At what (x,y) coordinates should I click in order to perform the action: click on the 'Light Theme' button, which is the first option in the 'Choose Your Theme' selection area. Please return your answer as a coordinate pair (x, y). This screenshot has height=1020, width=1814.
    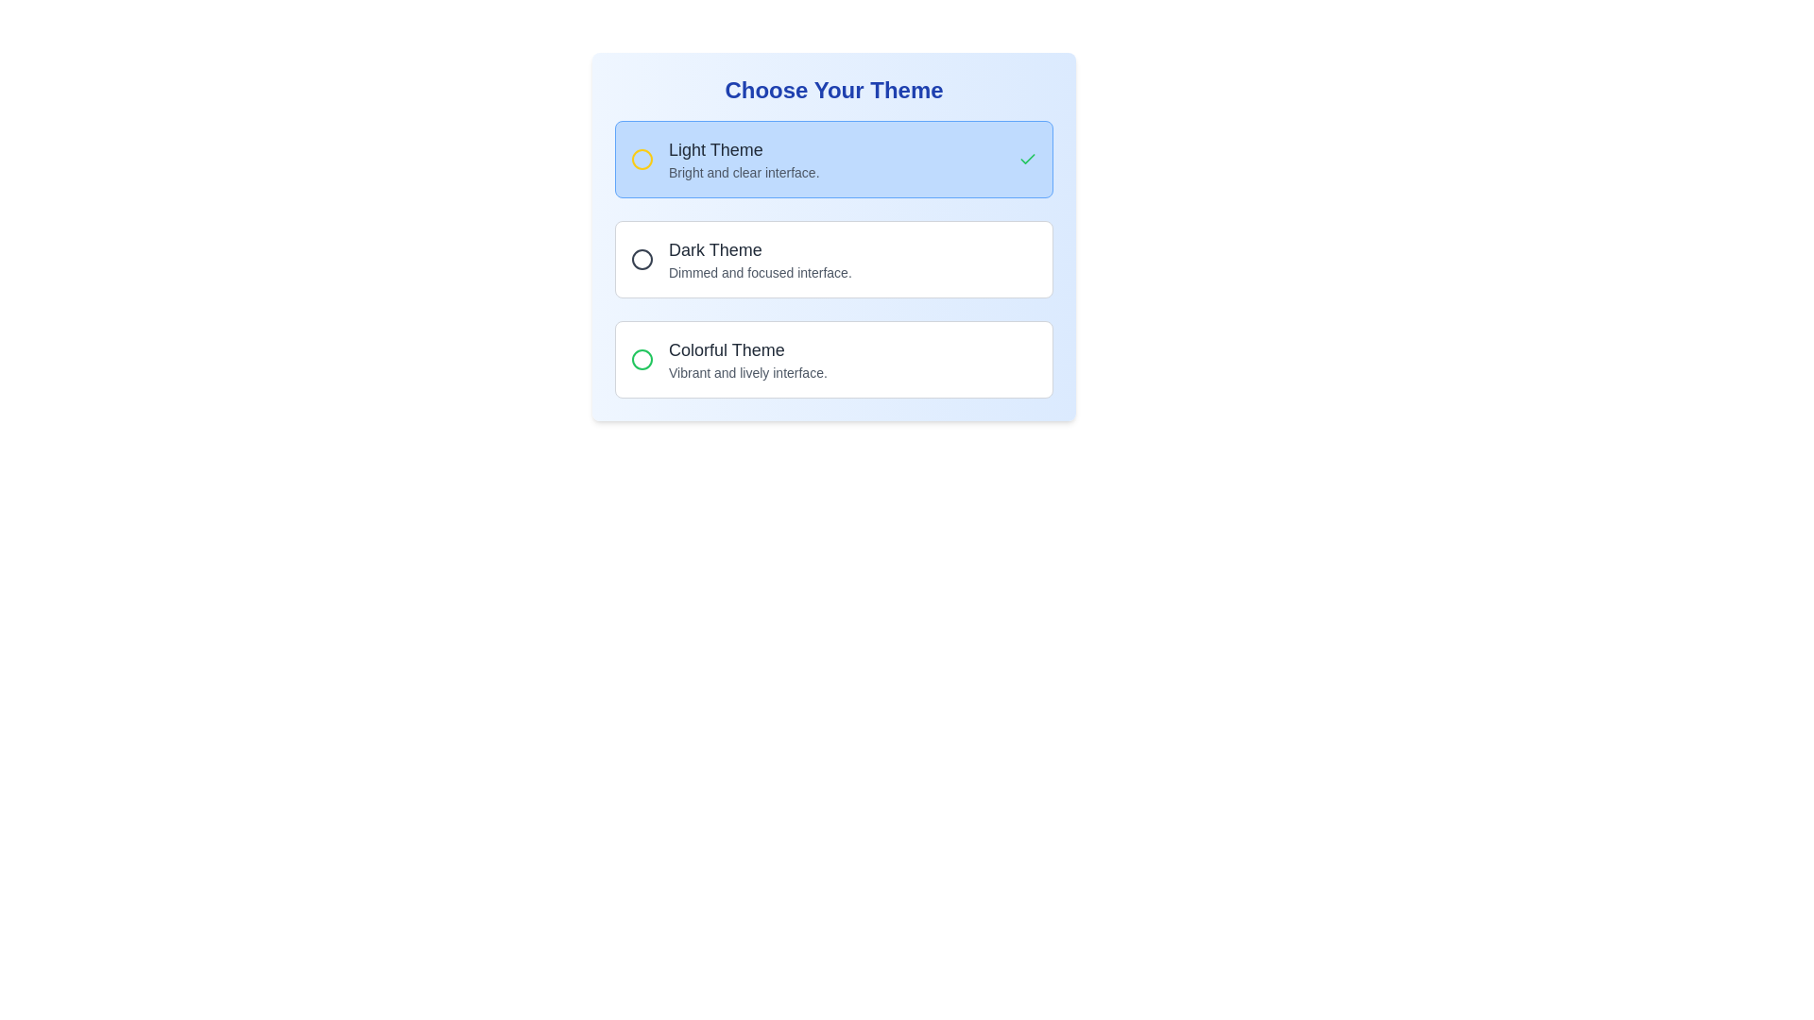
    Looking at the image, I should click on (833, 159).